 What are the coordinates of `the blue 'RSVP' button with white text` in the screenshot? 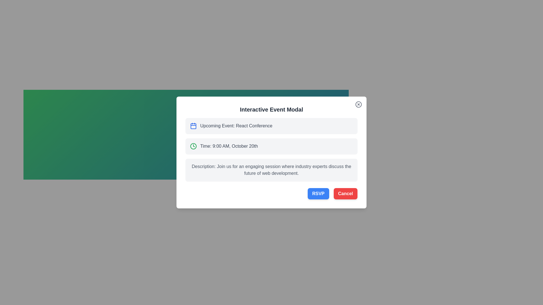 It's located at (318, 193).